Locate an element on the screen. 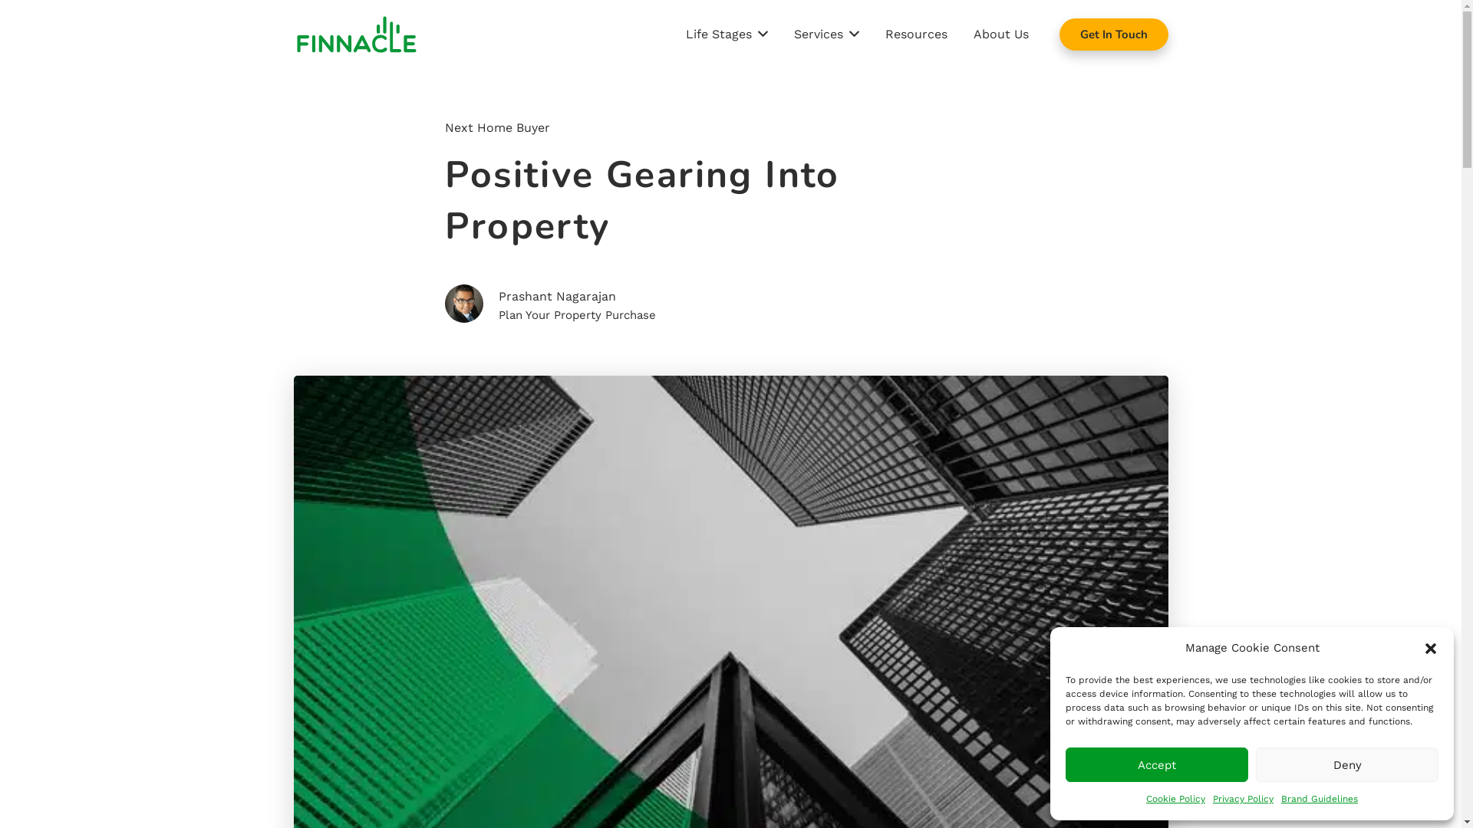 This screenshot has width=1473, height=828. 'Brand Guidelines' is located at coordinates (1318, 798).